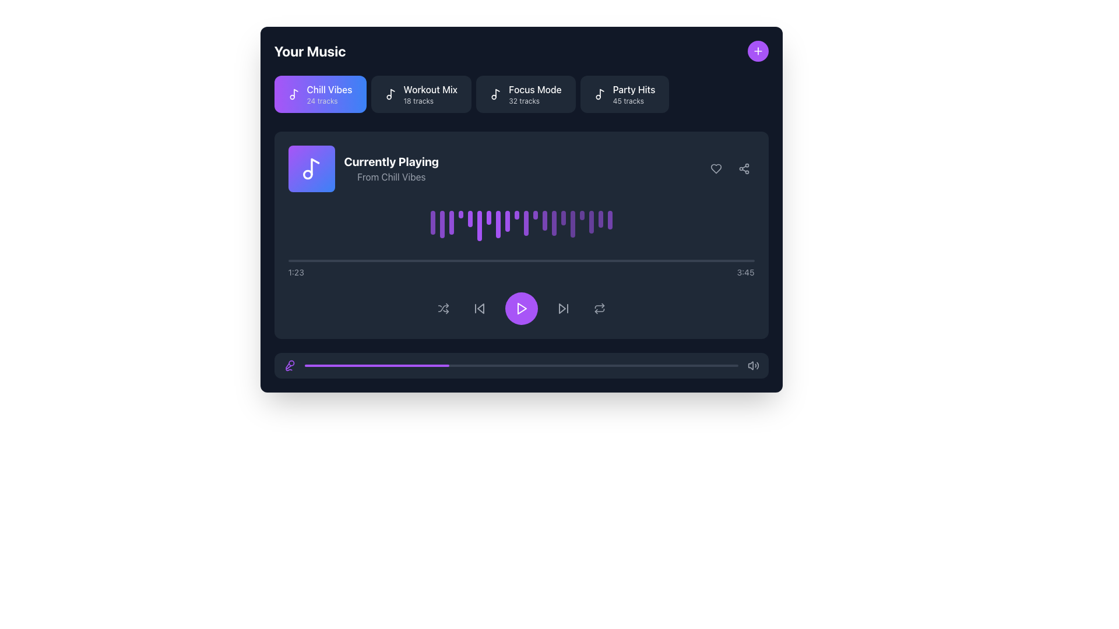  What do you see at coordinates (743, 168) in the screenshot?
I see `the circular share button located in the upper-right portion of the playing card section` at bounding box center [743, 168].